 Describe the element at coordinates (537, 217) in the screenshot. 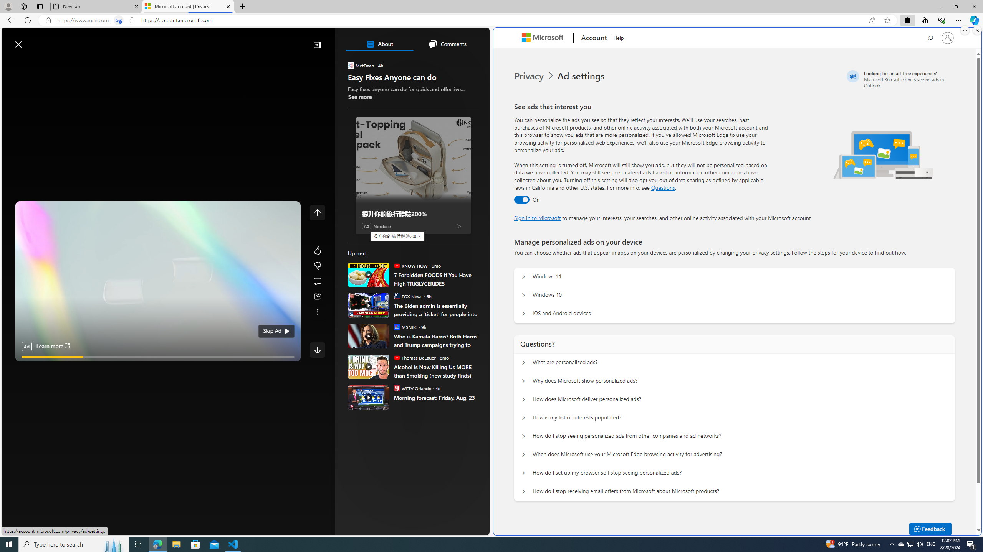

I see `'Sign in to Microsoft'` at that location.